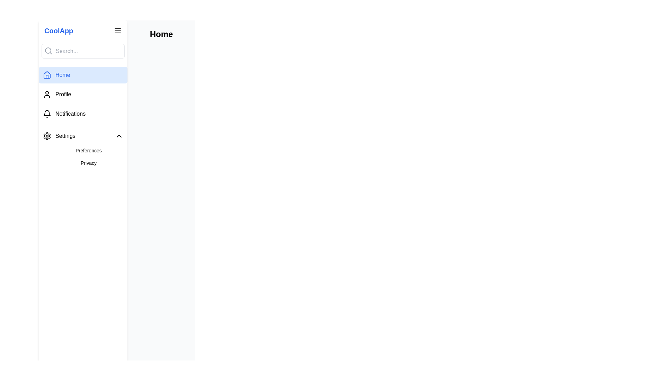  What do you see at coordinates (48, 50) in the screenshot?
I see `the search icon located at the top-left corner of the search text input field in the sidebar menu` at bounding box center [48, 50].